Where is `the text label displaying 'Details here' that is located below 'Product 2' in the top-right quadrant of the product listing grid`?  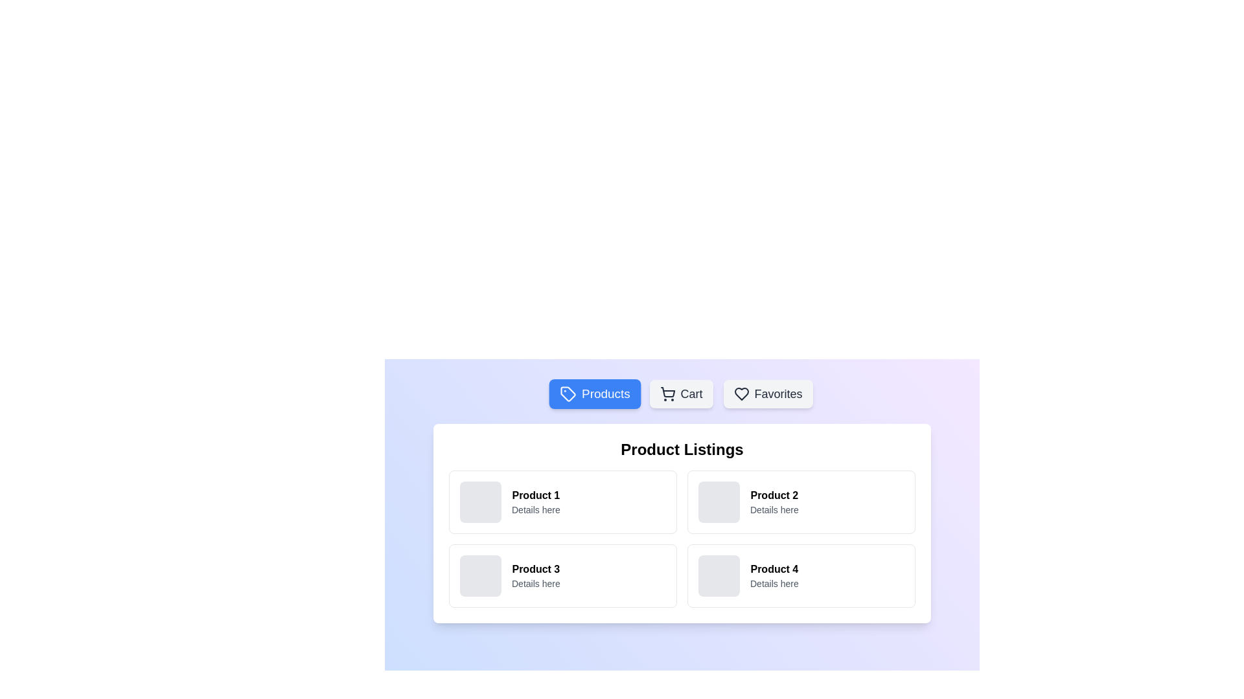
the text label displaying 'Details here' that is located below 'Product 2' in the top-right quadrant of the product listing grid is located at coordinates (774, 509).